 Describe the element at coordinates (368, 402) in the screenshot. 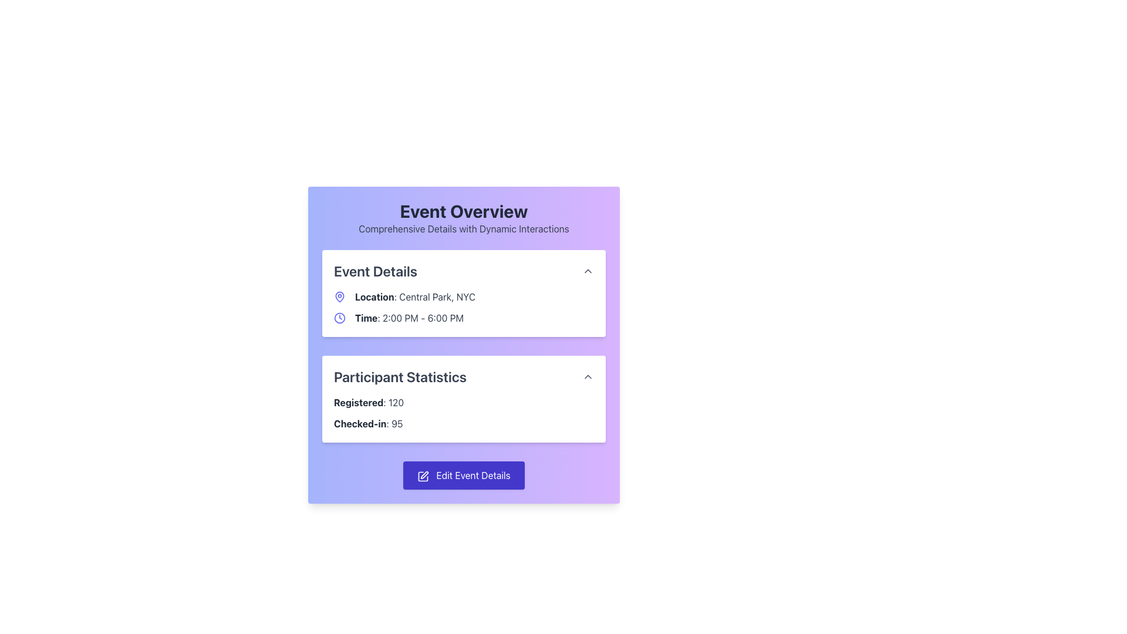

I see `the text label displaying 'Registered: 120' located in the Participant Statistics section` at that location.